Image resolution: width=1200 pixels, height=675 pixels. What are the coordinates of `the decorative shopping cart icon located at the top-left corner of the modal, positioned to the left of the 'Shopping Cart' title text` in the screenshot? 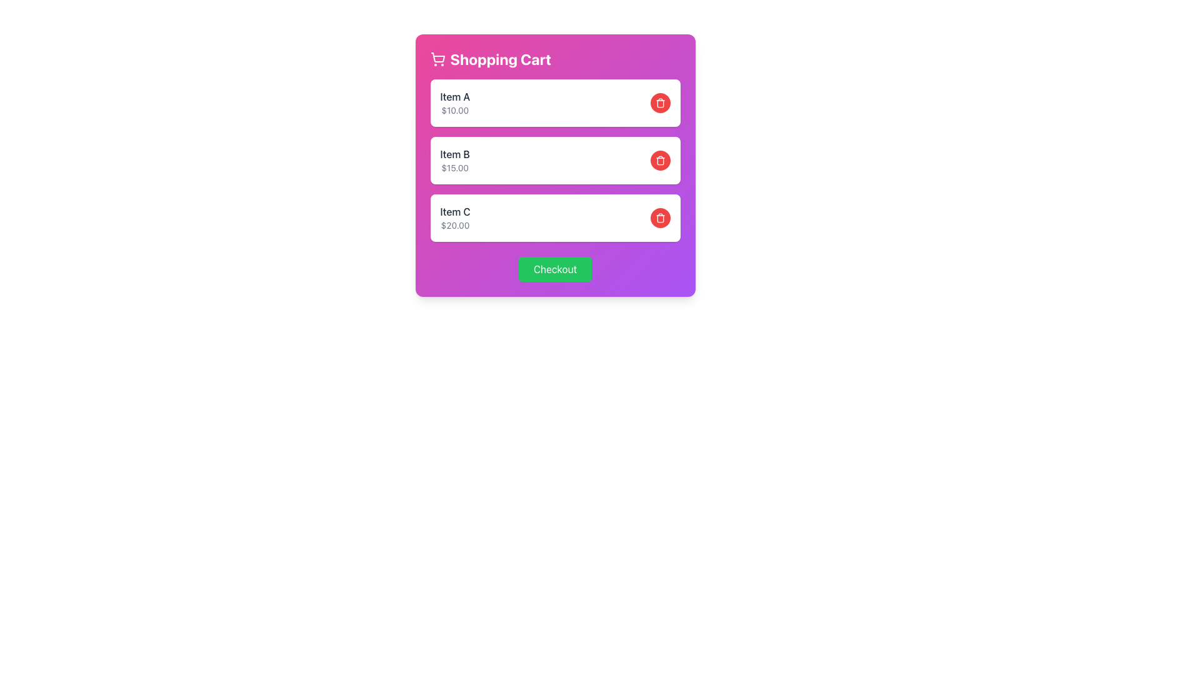 It's located at (437, 59).